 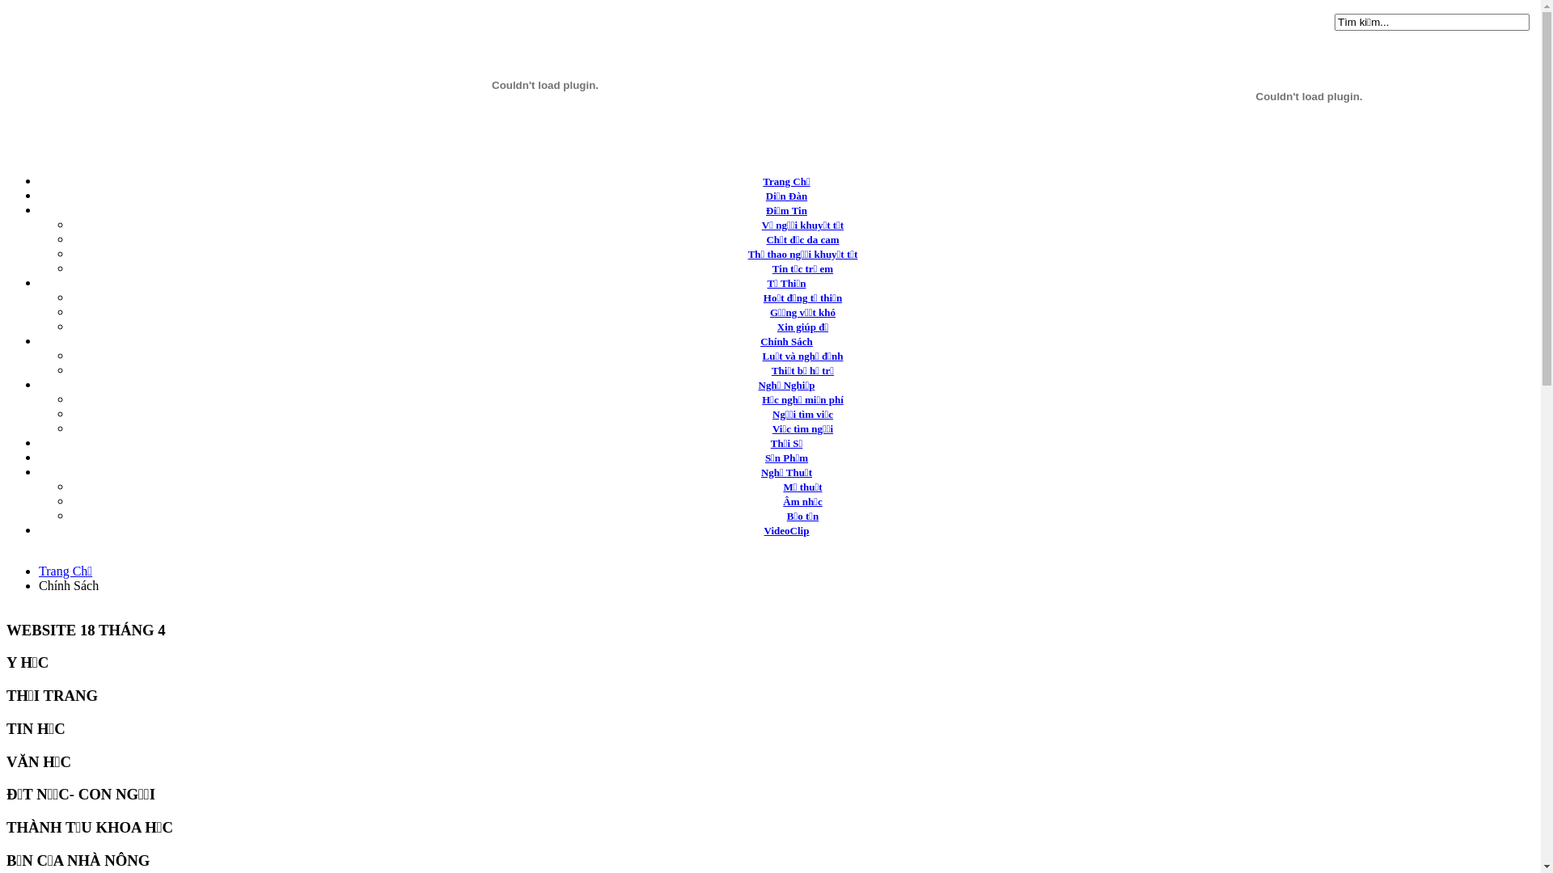 I want to click on 'VideoClip', so click(x=764, y=530).